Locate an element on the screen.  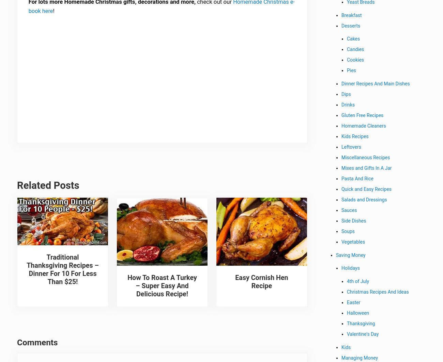
'Pies' is located at coordinates (351, 71).